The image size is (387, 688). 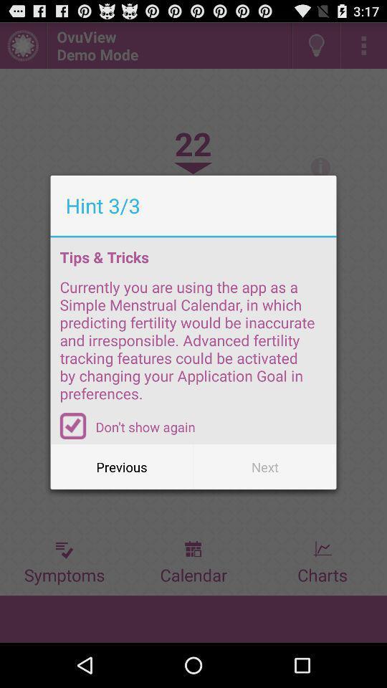 I want to click on the app to the left of don t show, so click(x=73, y=426).